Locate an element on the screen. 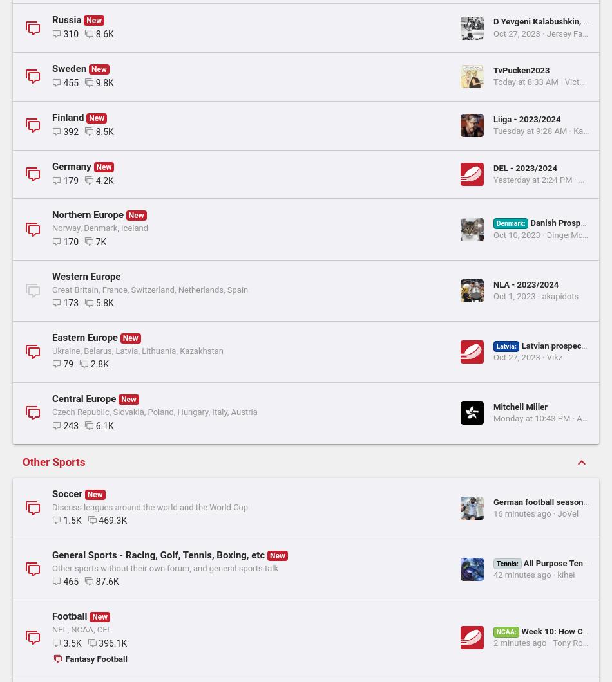 The image size is (612, 682). 'eal' is located at coordinates (365, 81).